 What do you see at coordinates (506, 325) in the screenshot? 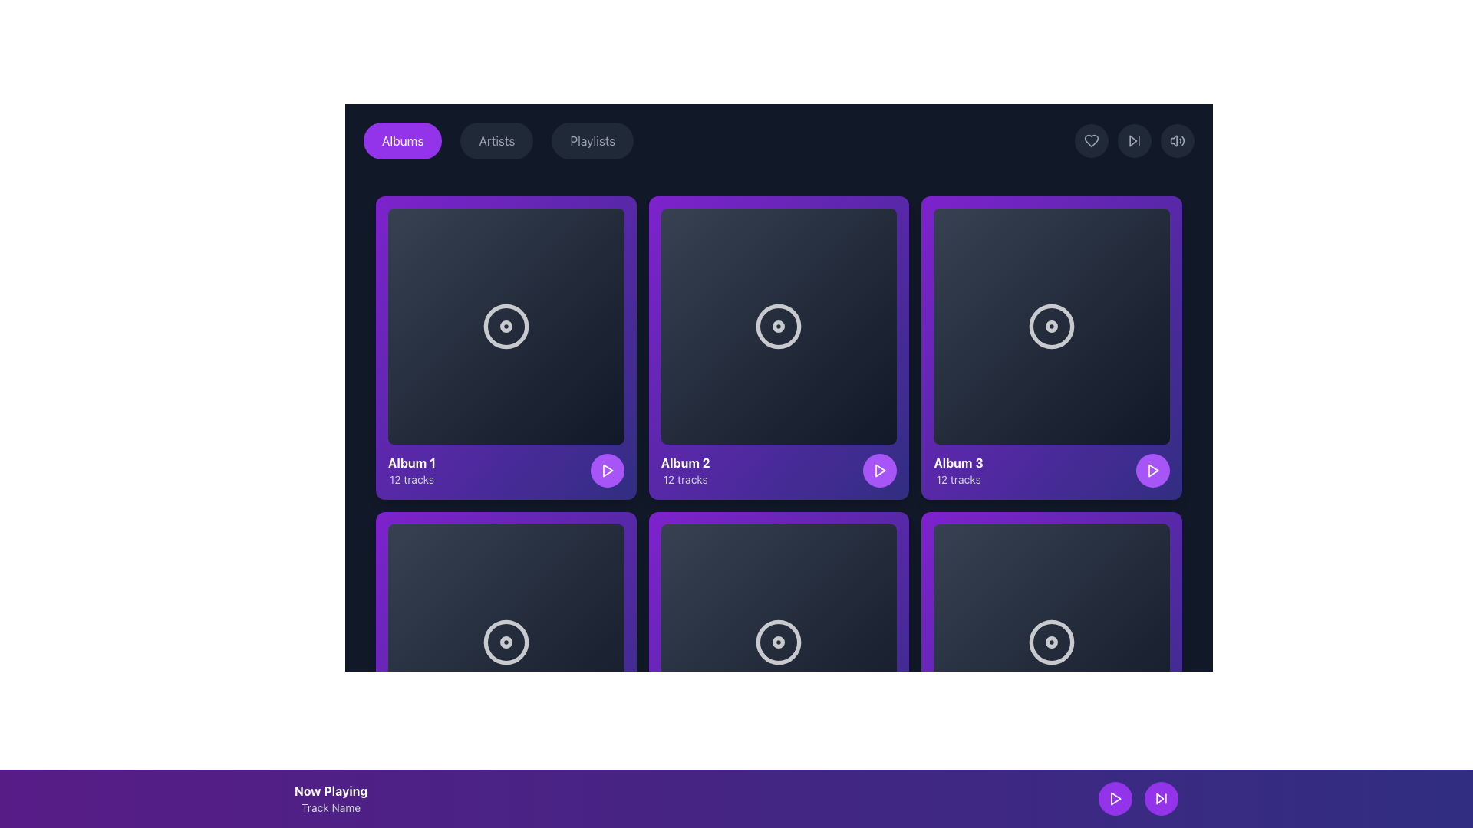
I see `the decorative icon located at the center of the top-left card labeled 'Album 1'` at bounding box center [506, 325].